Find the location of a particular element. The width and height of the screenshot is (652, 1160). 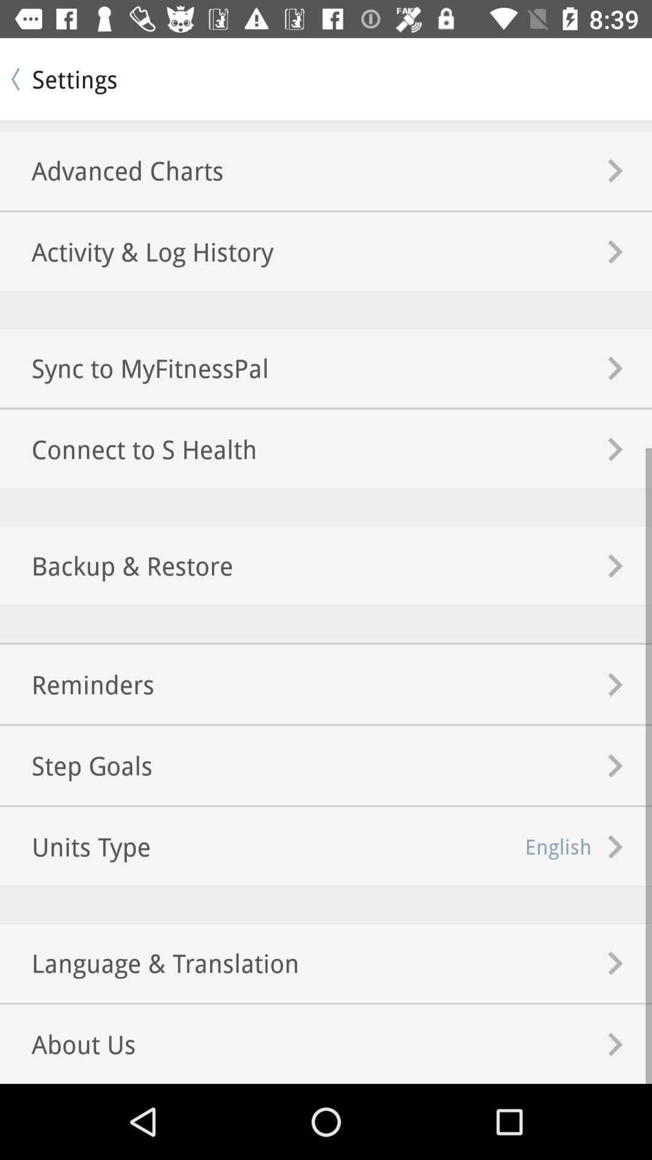

the reminders icon is located at coordinates (77, 684).